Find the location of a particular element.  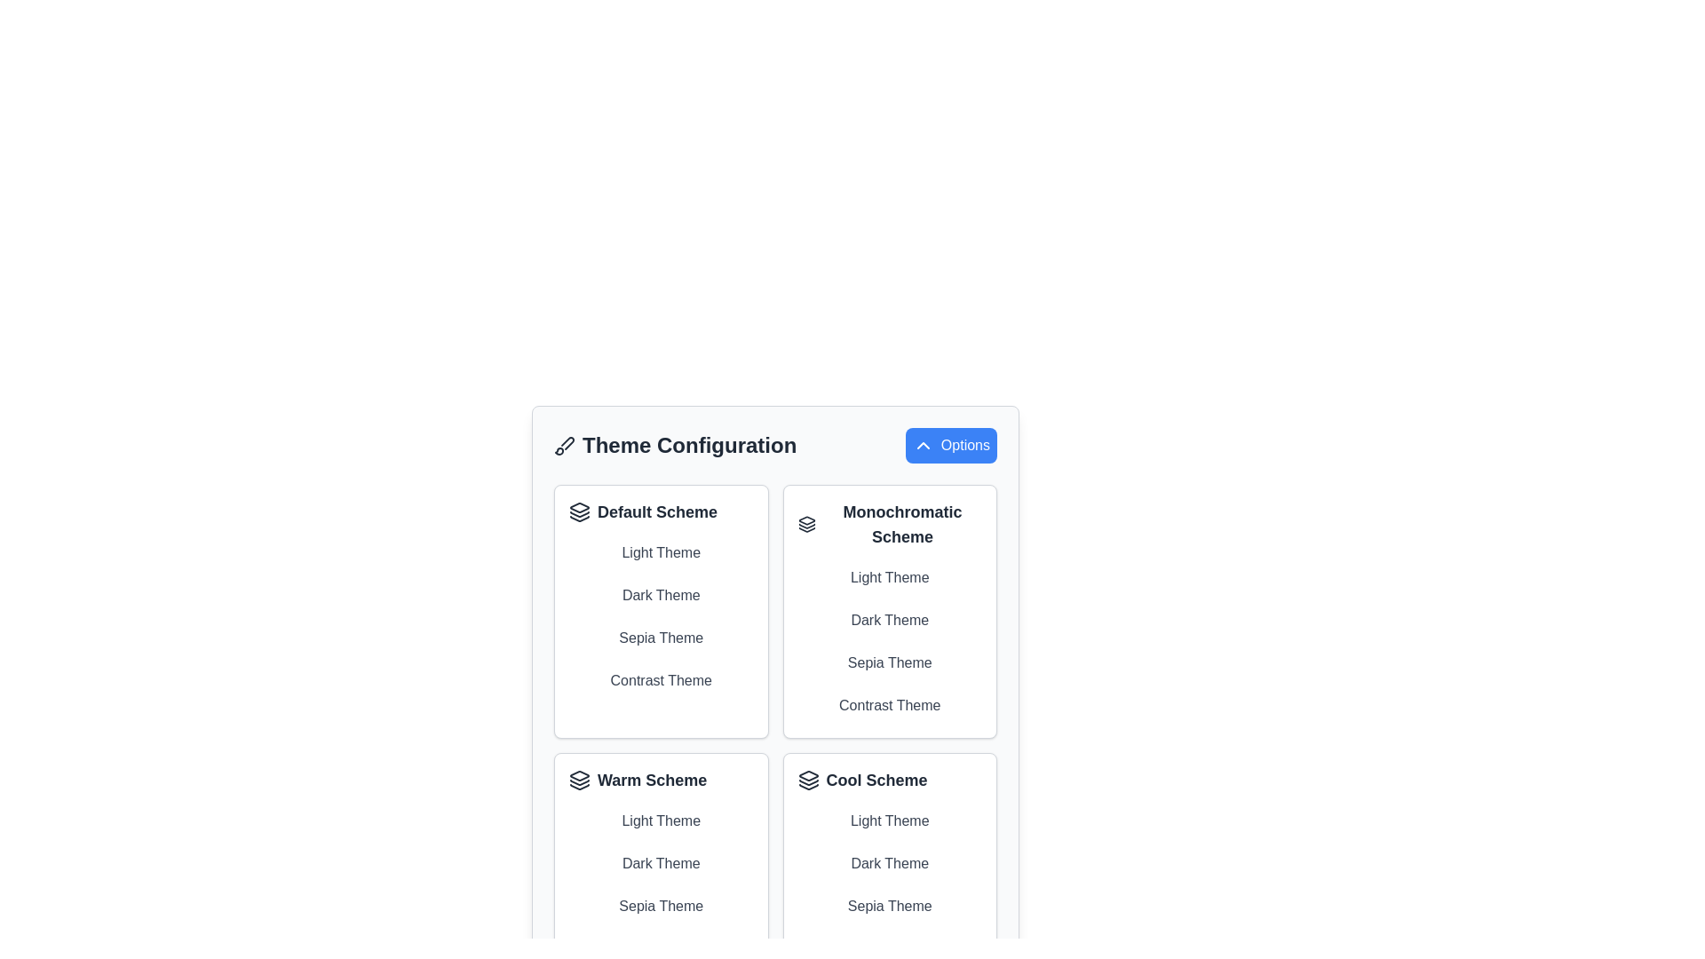

the 'Options' button is located at coordinates (950, 444).